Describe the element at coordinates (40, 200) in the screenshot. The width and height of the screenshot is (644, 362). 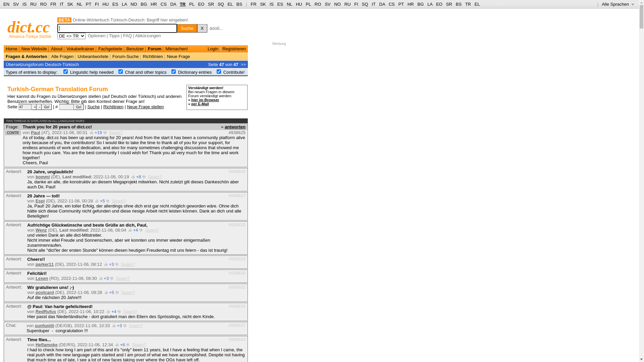
I see `'Espi'` at that location.